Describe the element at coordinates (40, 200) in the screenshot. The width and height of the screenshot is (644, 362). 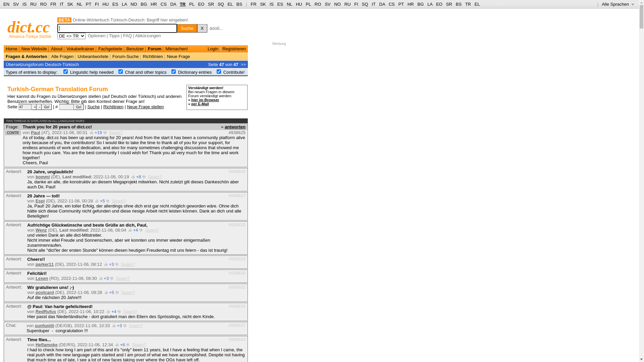
I see `'Espi'` at that location.